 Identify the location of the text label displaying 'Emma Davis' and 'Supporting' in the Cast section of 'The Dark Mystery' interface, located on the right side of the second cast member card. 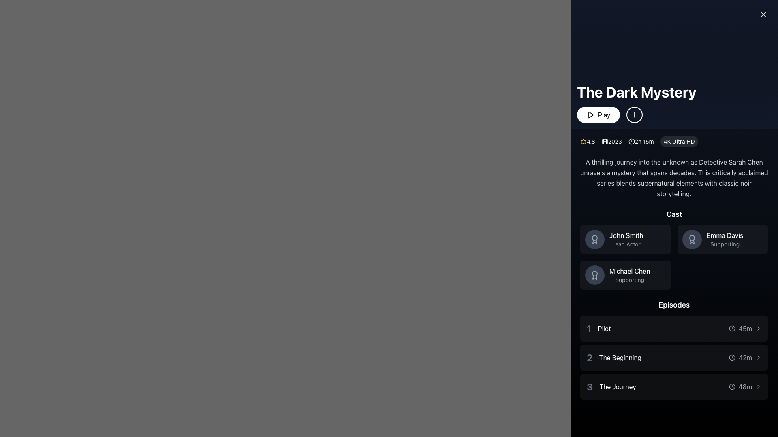
(725, 239).